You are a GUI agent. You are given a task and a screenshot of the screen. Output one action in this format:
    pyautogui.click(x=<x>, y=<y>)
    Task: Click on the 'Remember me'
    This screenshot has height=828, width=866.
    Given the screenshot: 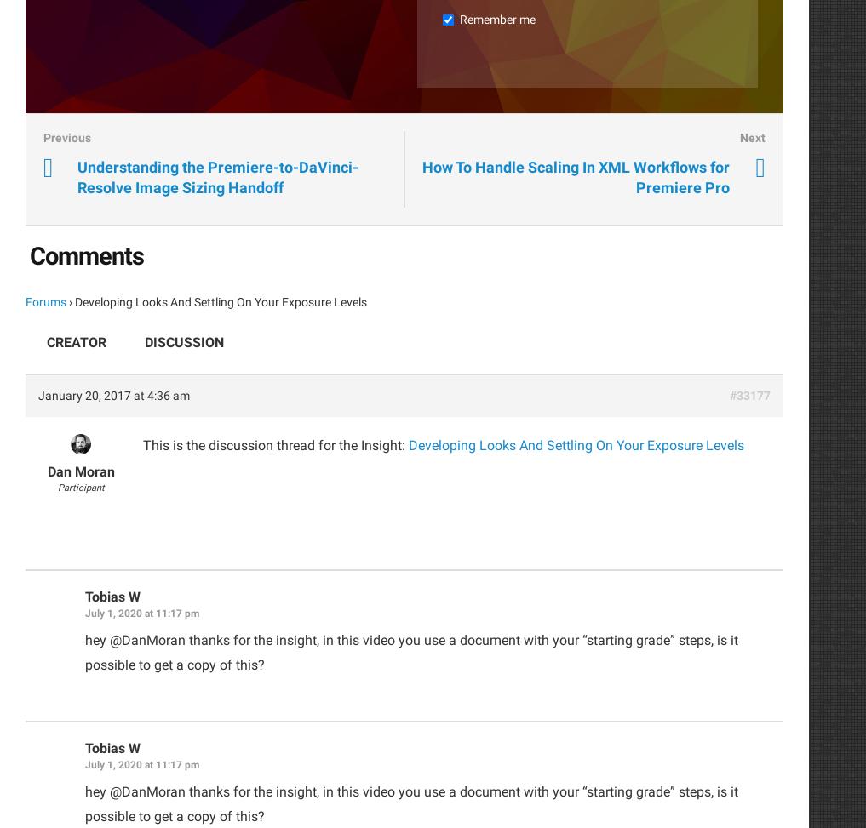 What is the action you would take?
    pyautogui.click(x=496, y=18)
    